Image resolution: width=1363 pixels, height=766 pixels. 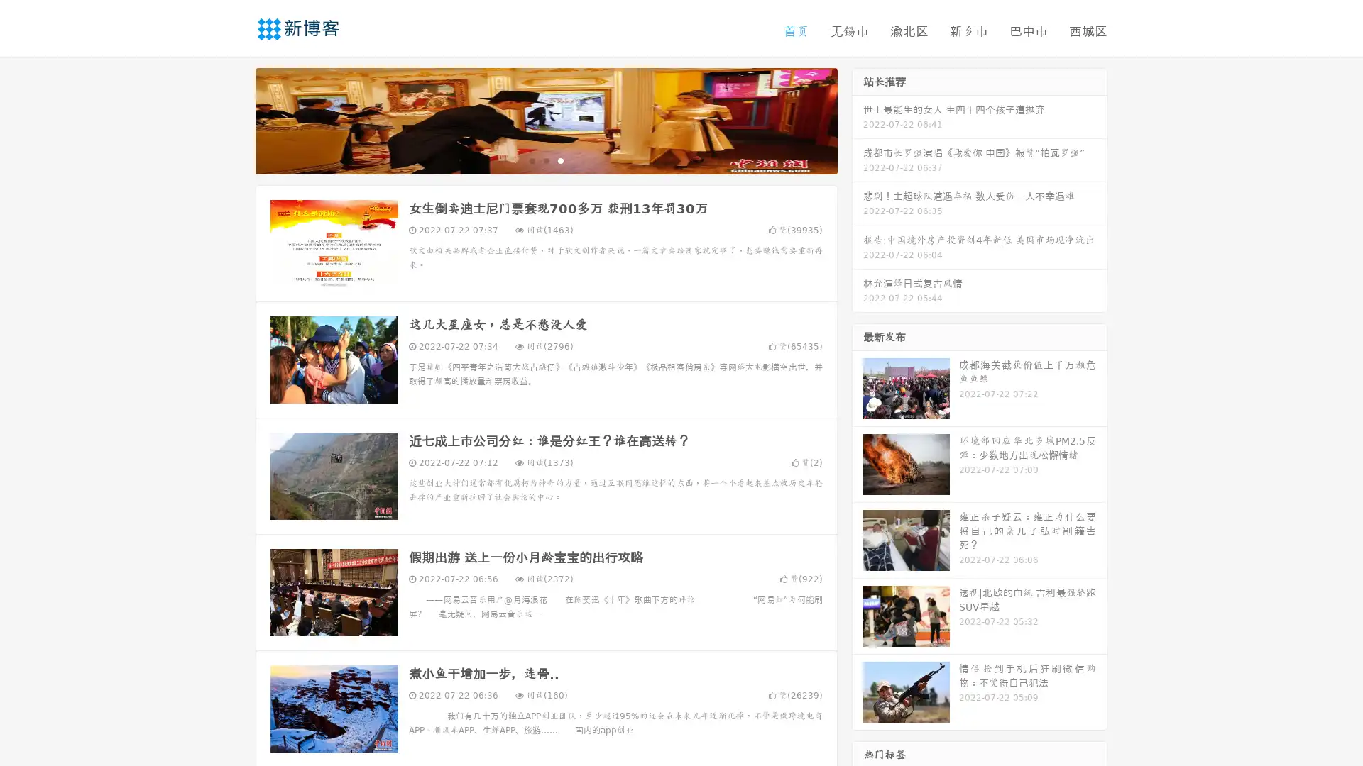 What do you see at coordinates (531, 160) in the screenshot?
I see `Go to slide 1` at bounding box center [531, 160].